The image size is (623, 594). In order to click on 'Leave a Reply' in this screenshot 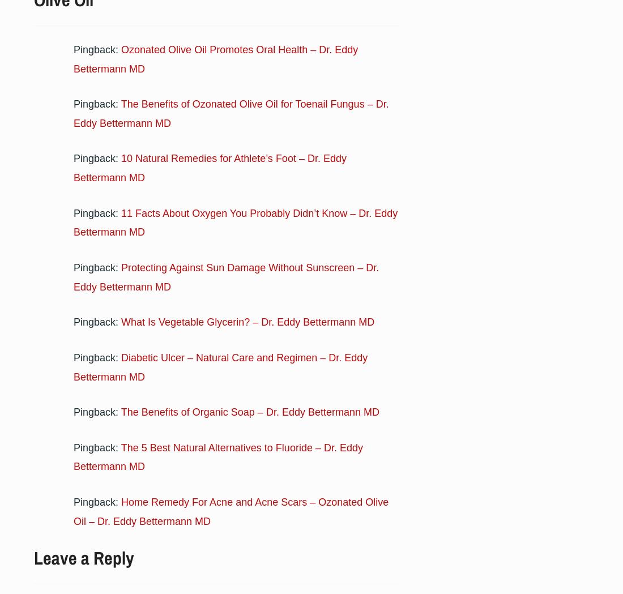, I will do `click(33, 557)`.